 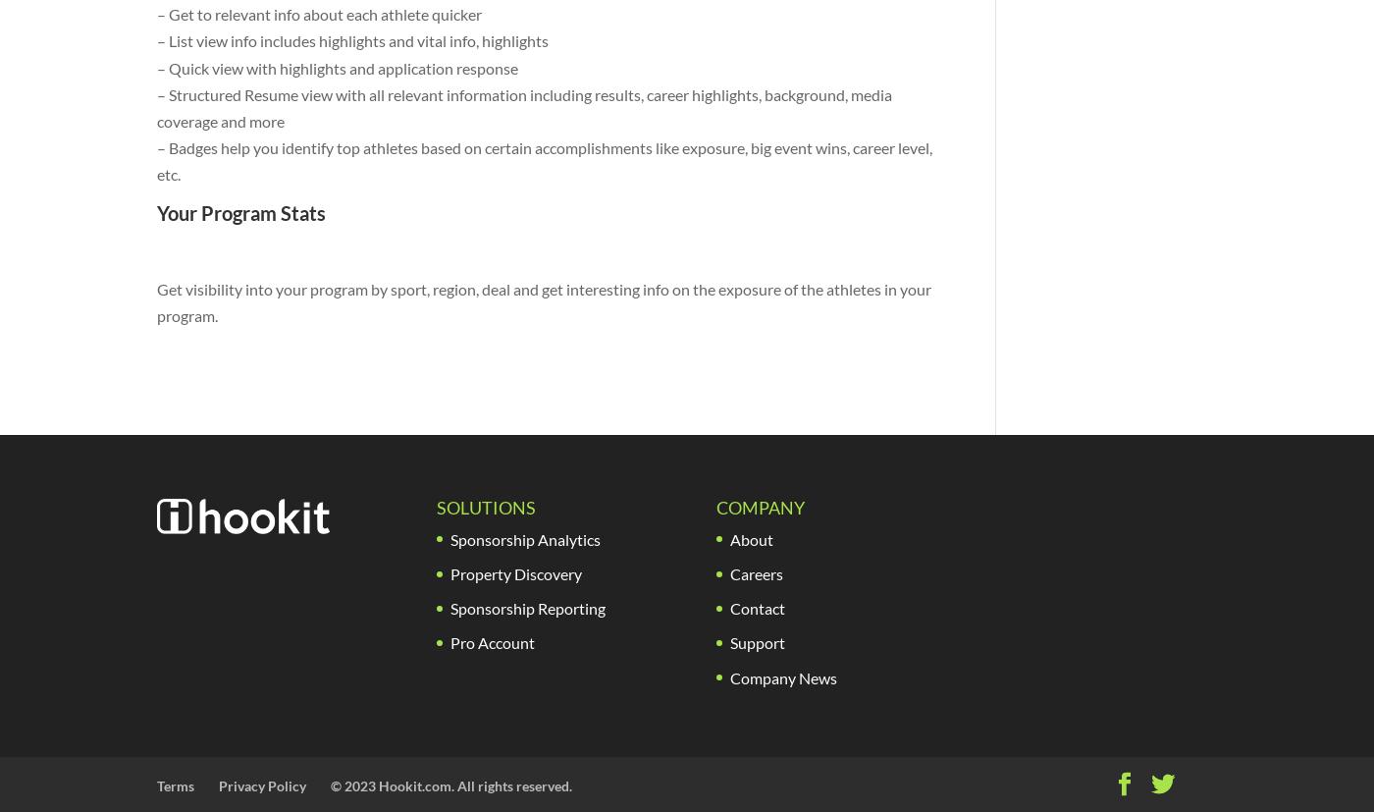 I want to click on 'Careers', so click(x=756, y=572).